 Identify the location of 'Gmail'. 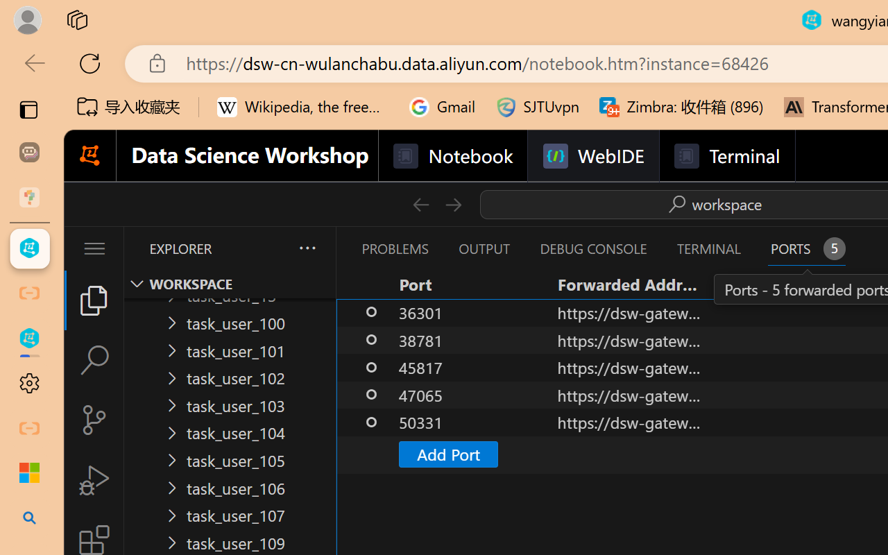
(442, 107).